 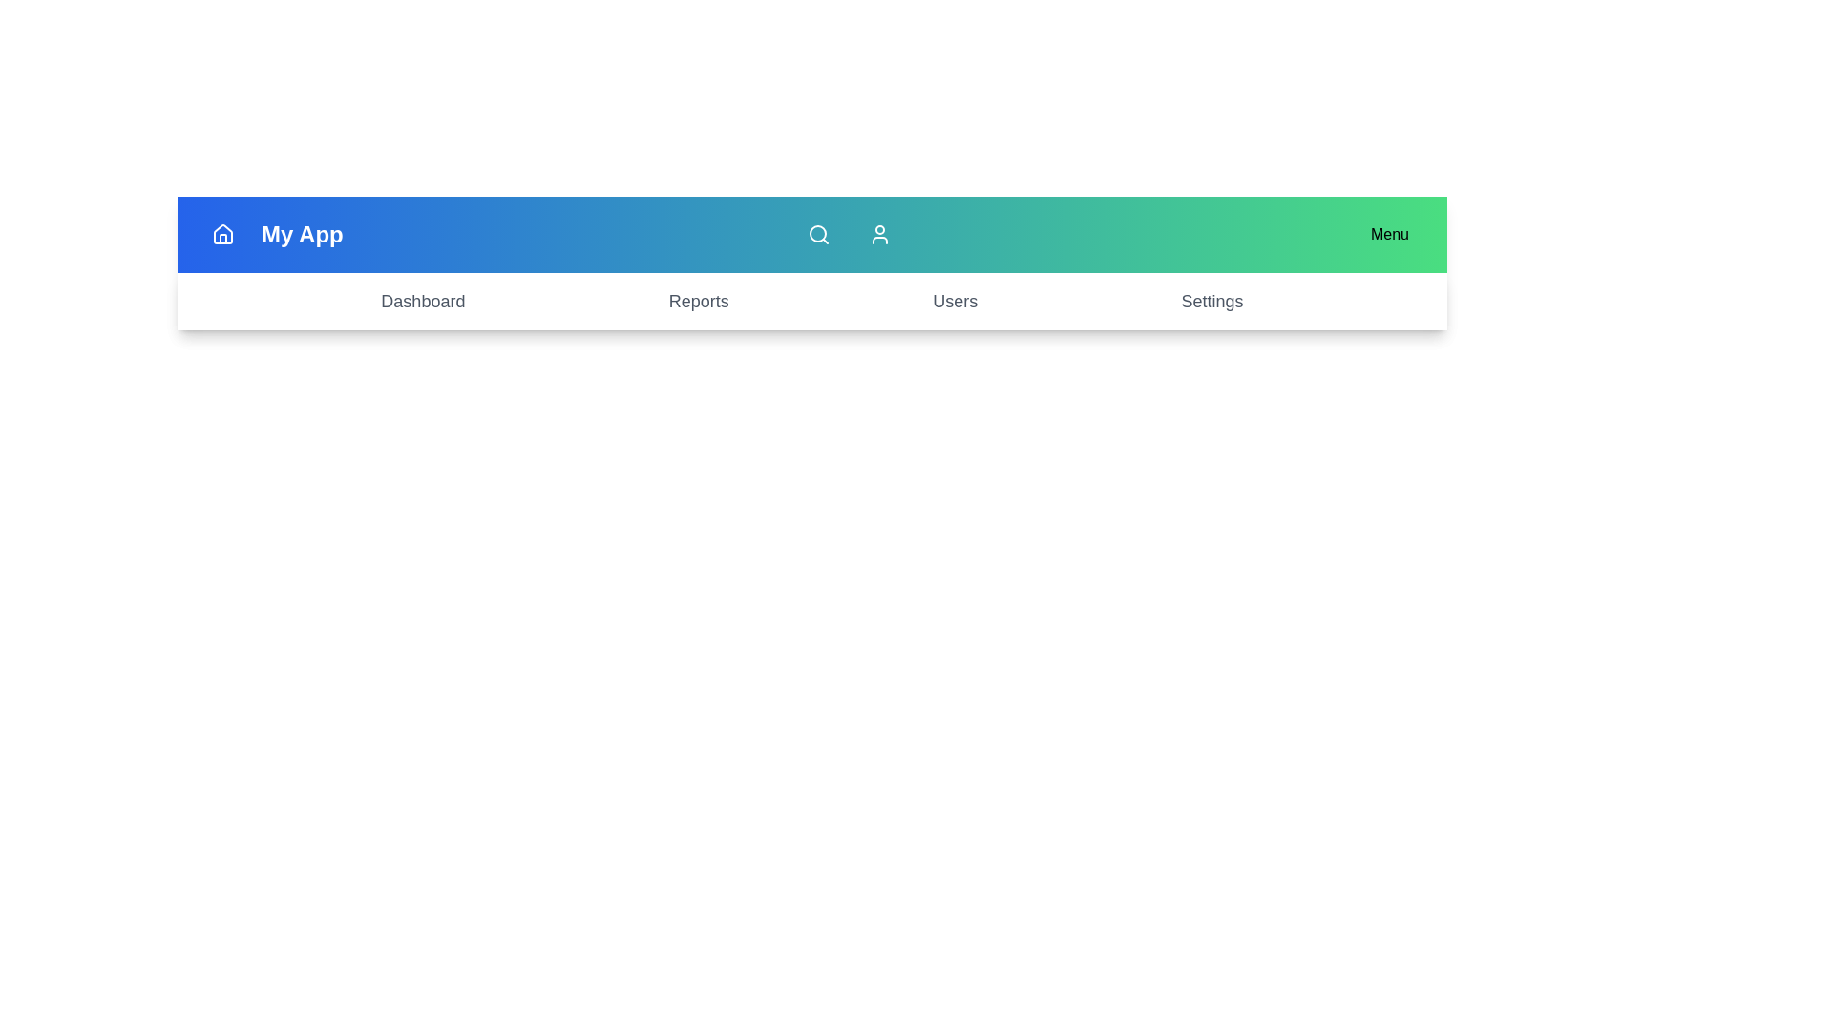 What do you see at coordinates (223, 234) in the screenshot?
I see `the 'Home' button to navigate to the home page` at bounding box center [223, 234].